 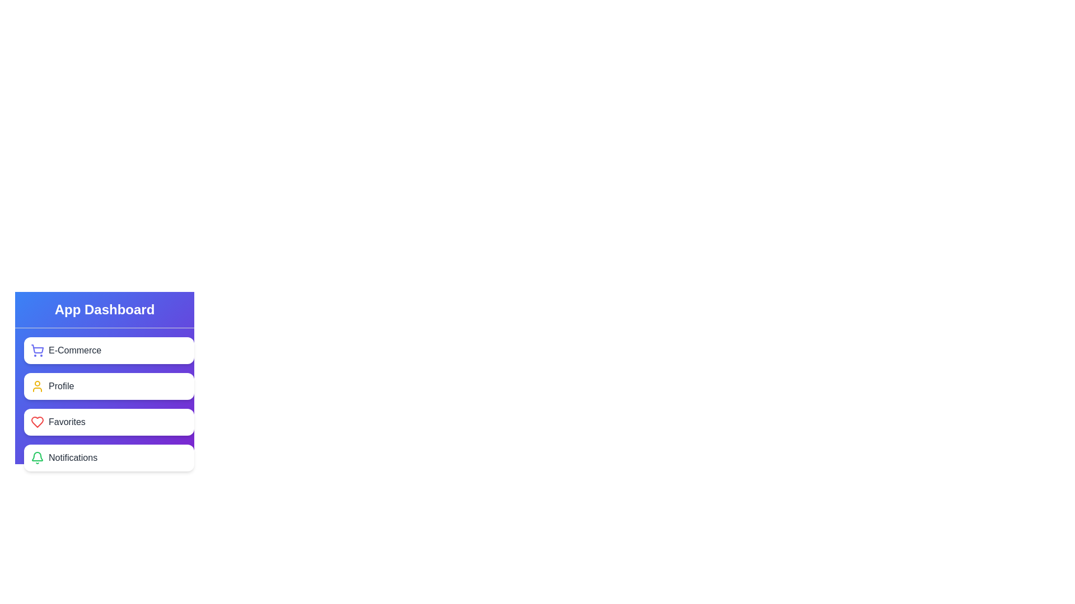 What do you see at coordinates (109, 457) in the screenshot?
I see `the element corresponding to Notifications` at bounding box center [109, 457].